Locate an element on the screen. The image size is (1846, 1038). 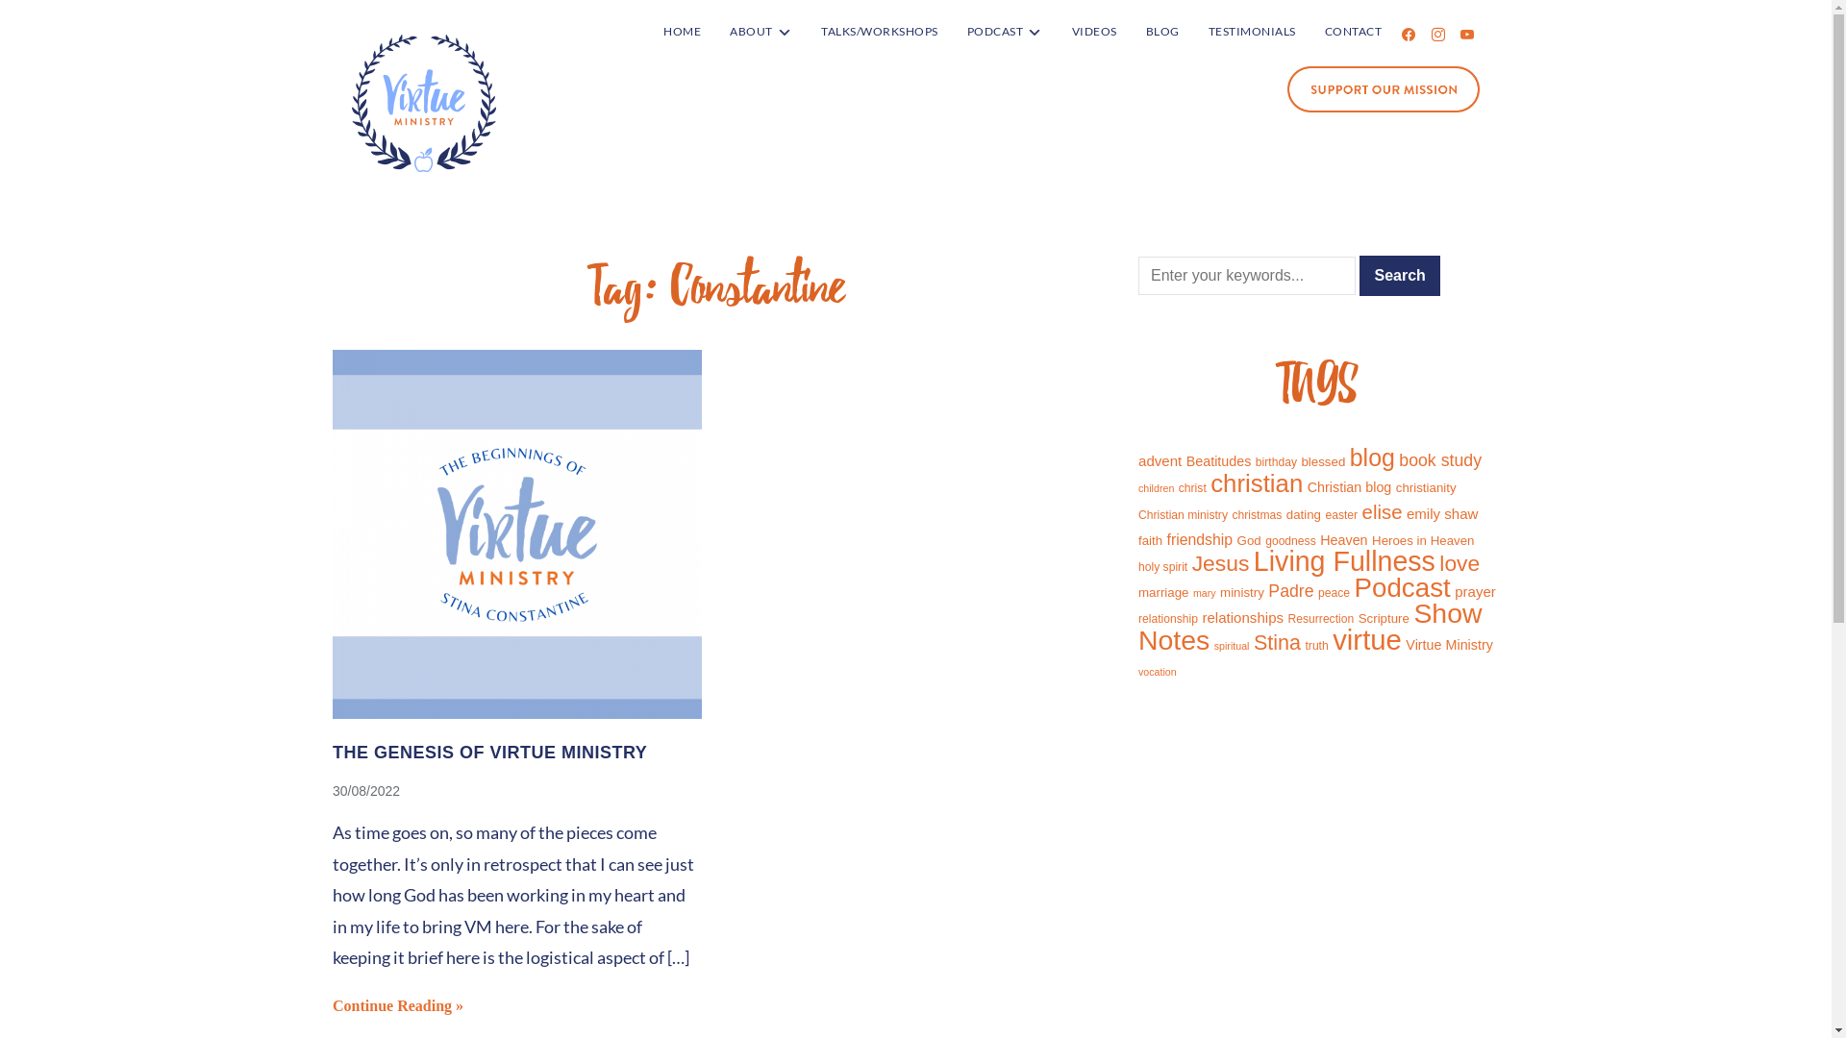
'Resurrection' is located at coordinates (1320, 619).